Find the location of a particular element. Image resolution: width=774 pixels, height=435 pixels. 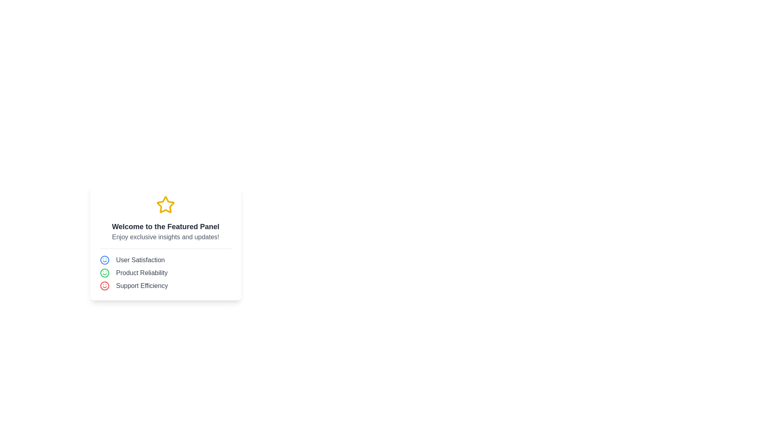

the 'User Satisfaction' list item to interact with it is located at coordinates (165, 259).